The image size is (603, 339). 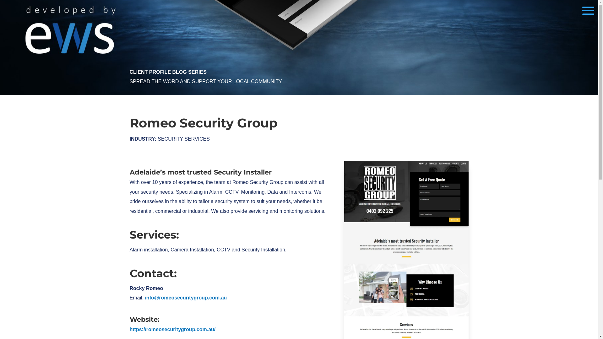 I want to click on 'https://romeosecuritygroup.com.au/', so click(x=172, y=329).